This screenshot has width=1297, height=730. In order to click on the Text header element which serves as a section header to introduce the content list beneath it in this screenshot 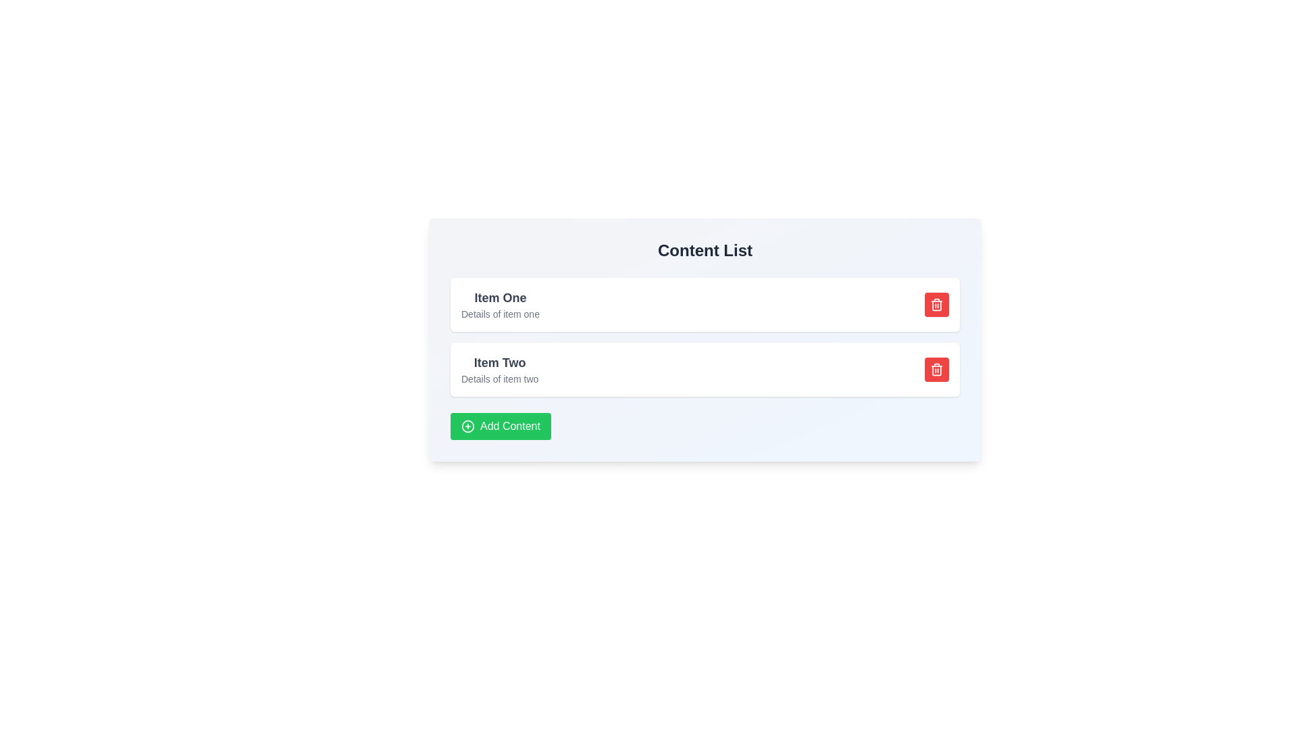, I will do `click(704, 250)`.